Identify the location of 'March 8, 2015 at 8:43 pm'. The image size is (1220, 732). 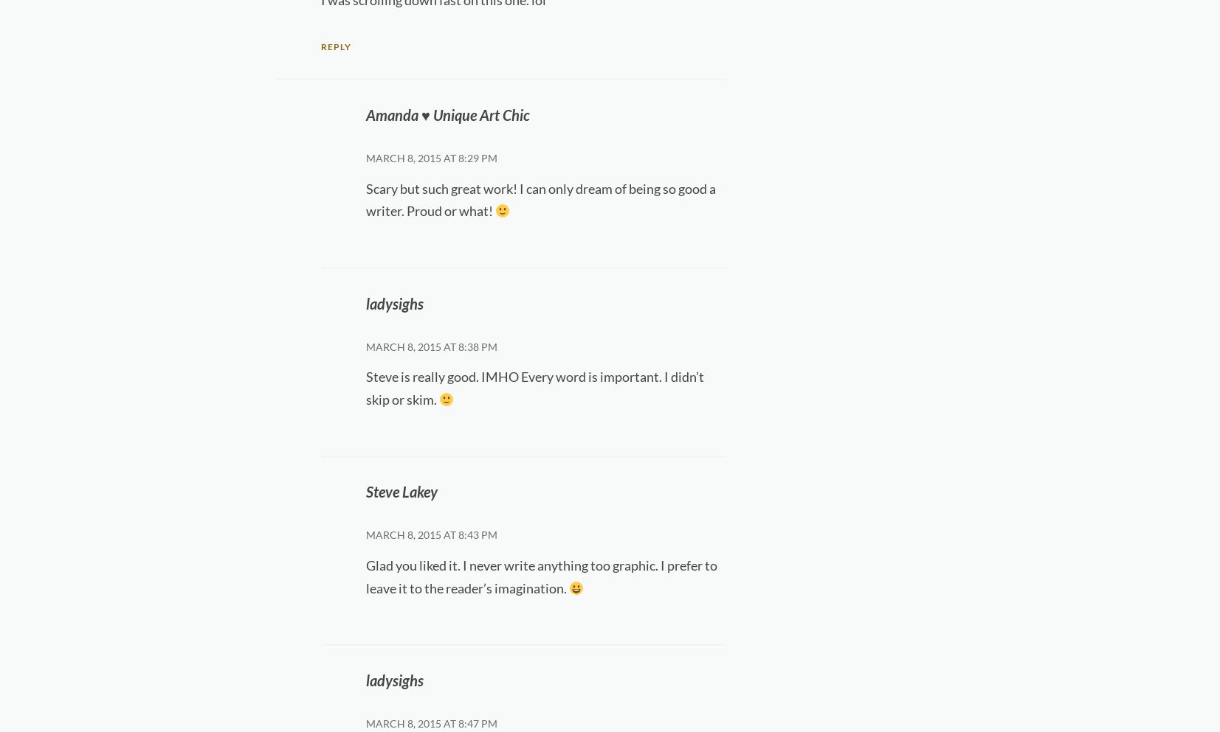
(365, 534).